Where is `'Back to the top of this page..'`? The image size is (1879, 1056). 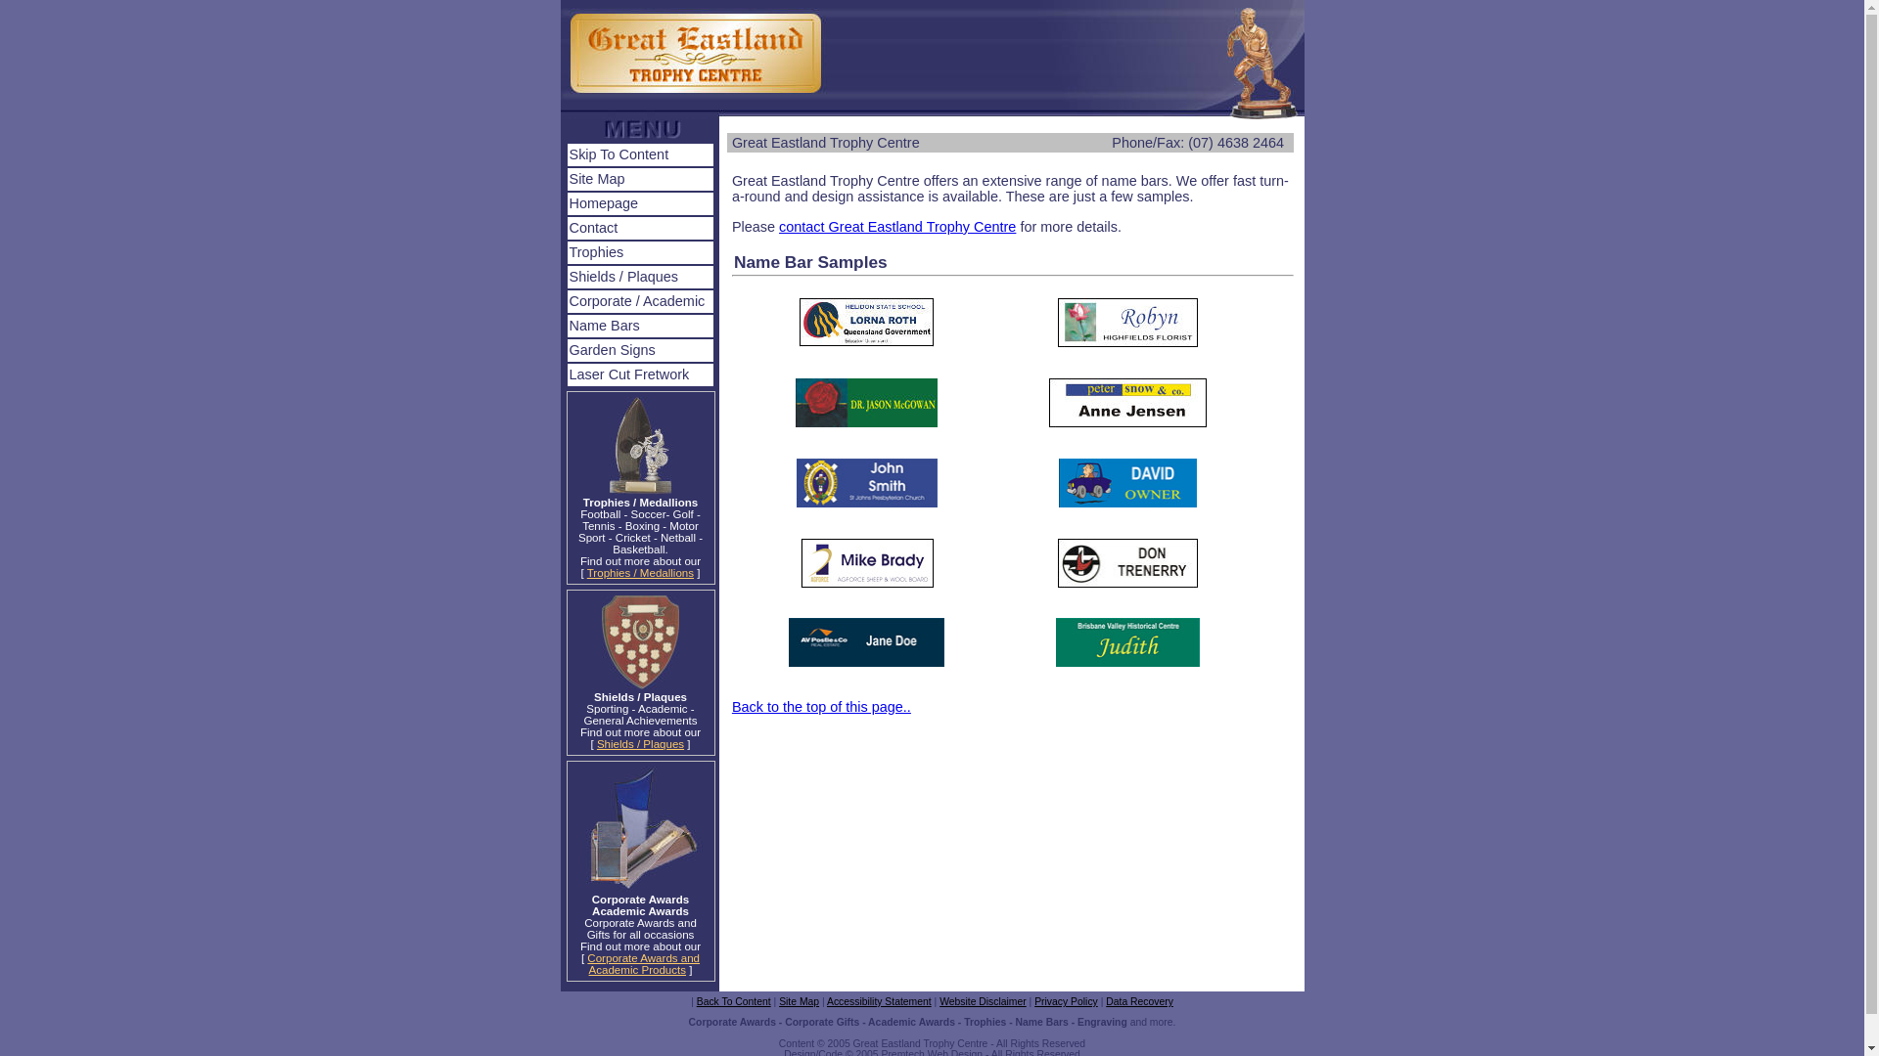
'Back to the top of this page..' is located at coordinates (731, 706).